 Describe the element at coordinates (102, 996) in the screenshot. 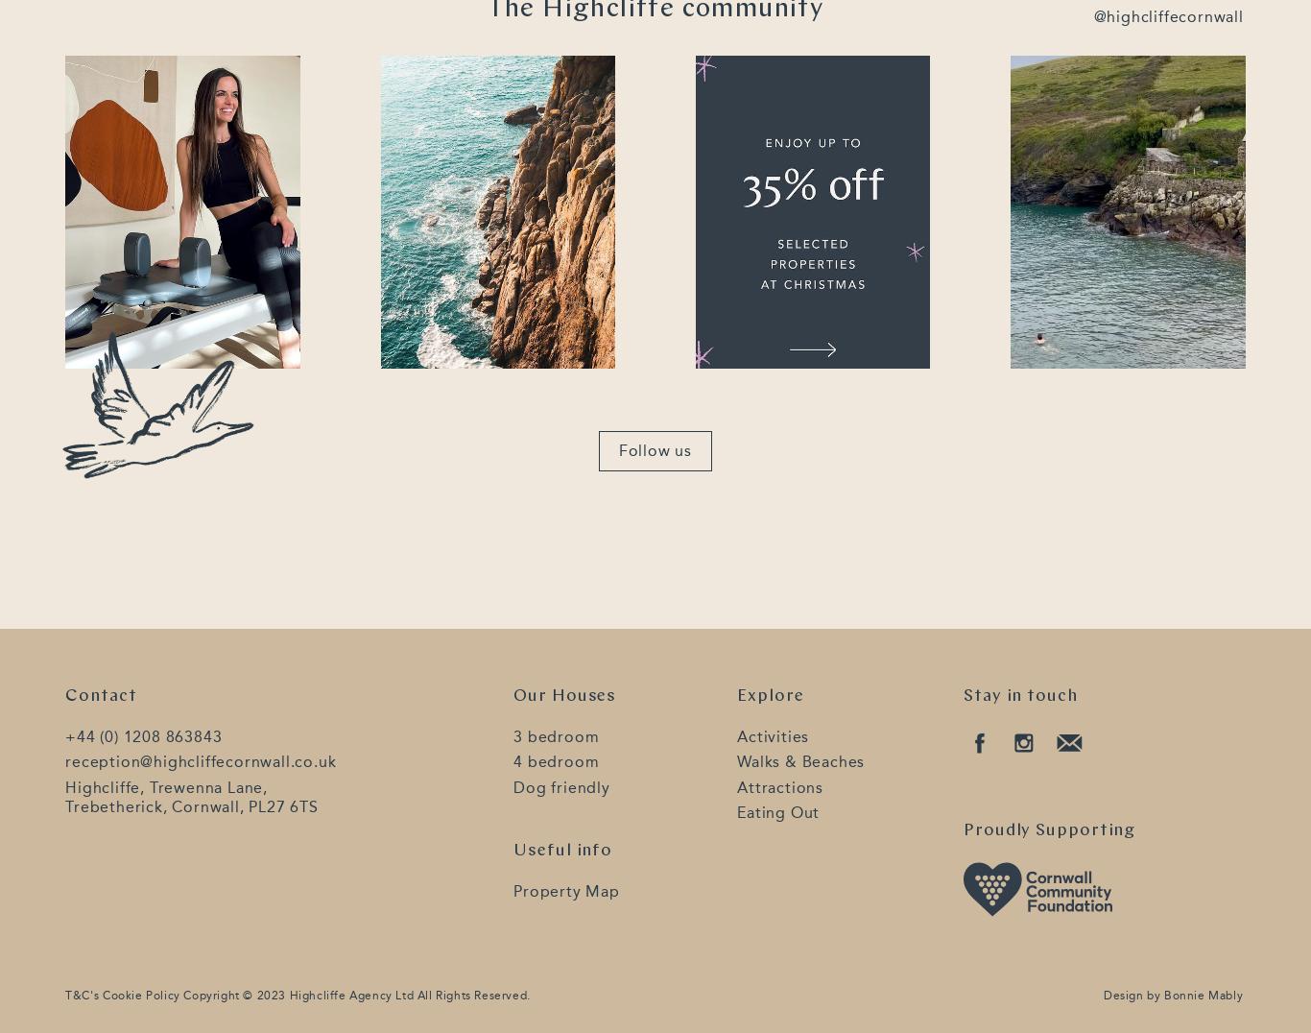

I see `'Cookie Policy'` at that location.